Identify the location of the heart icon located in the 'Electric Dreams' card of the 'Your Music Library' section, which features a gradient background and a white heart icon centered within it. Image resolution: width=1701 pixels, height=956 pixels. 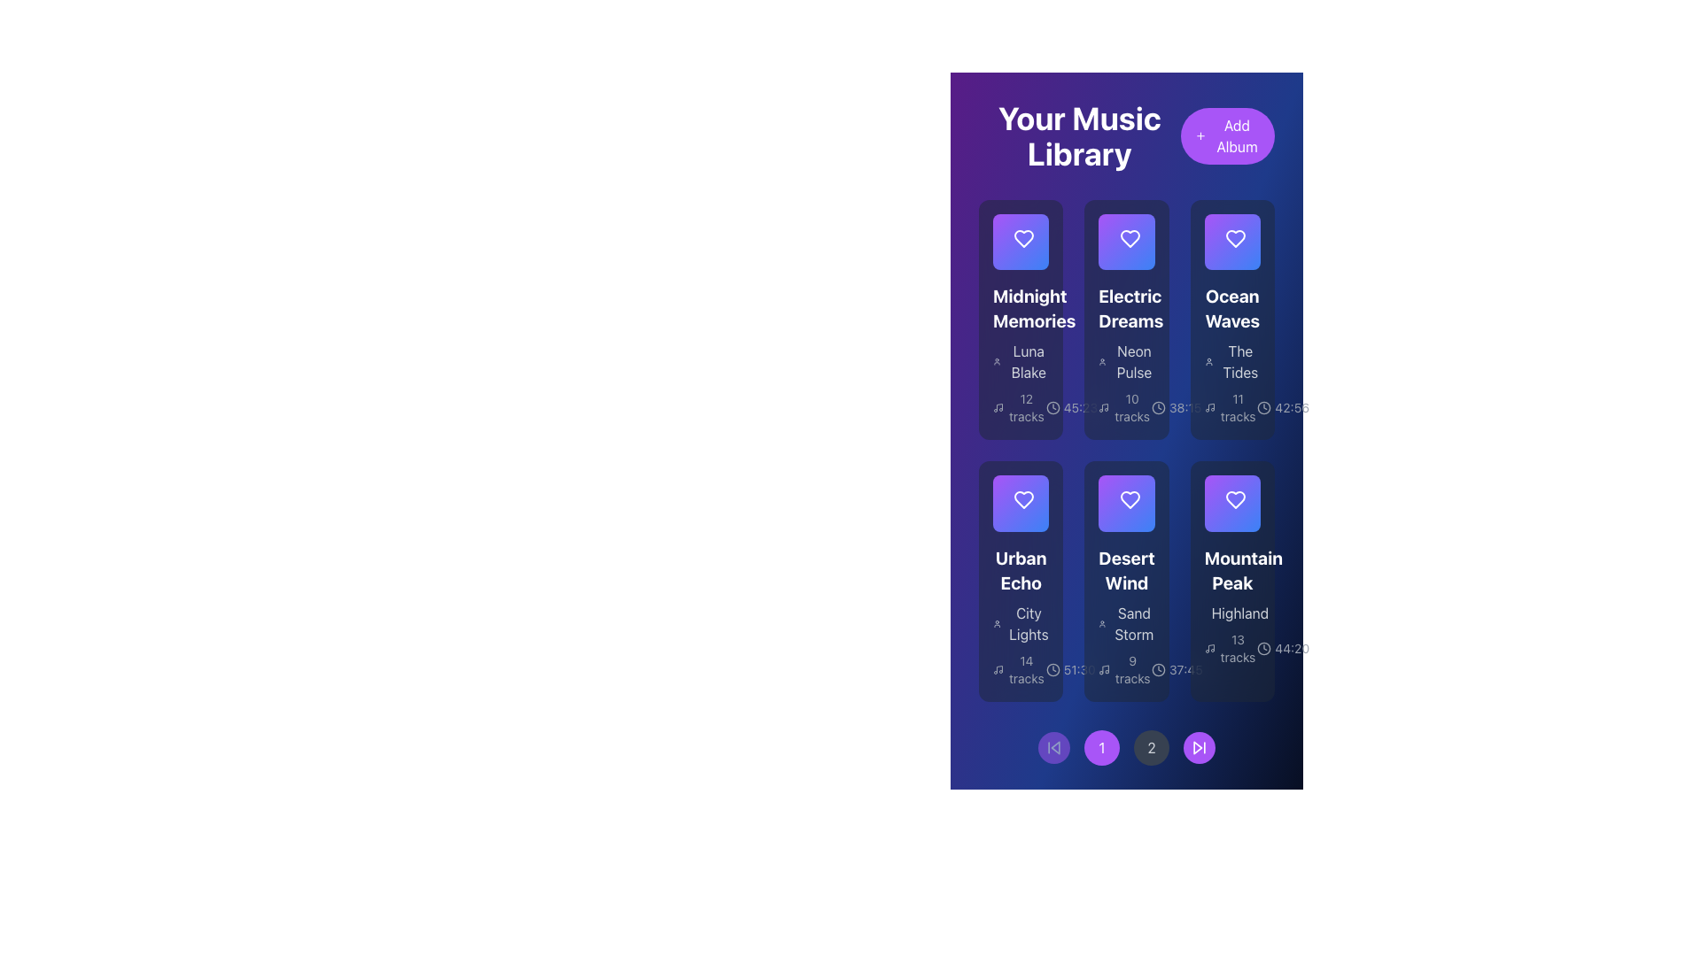
(1126, 242).